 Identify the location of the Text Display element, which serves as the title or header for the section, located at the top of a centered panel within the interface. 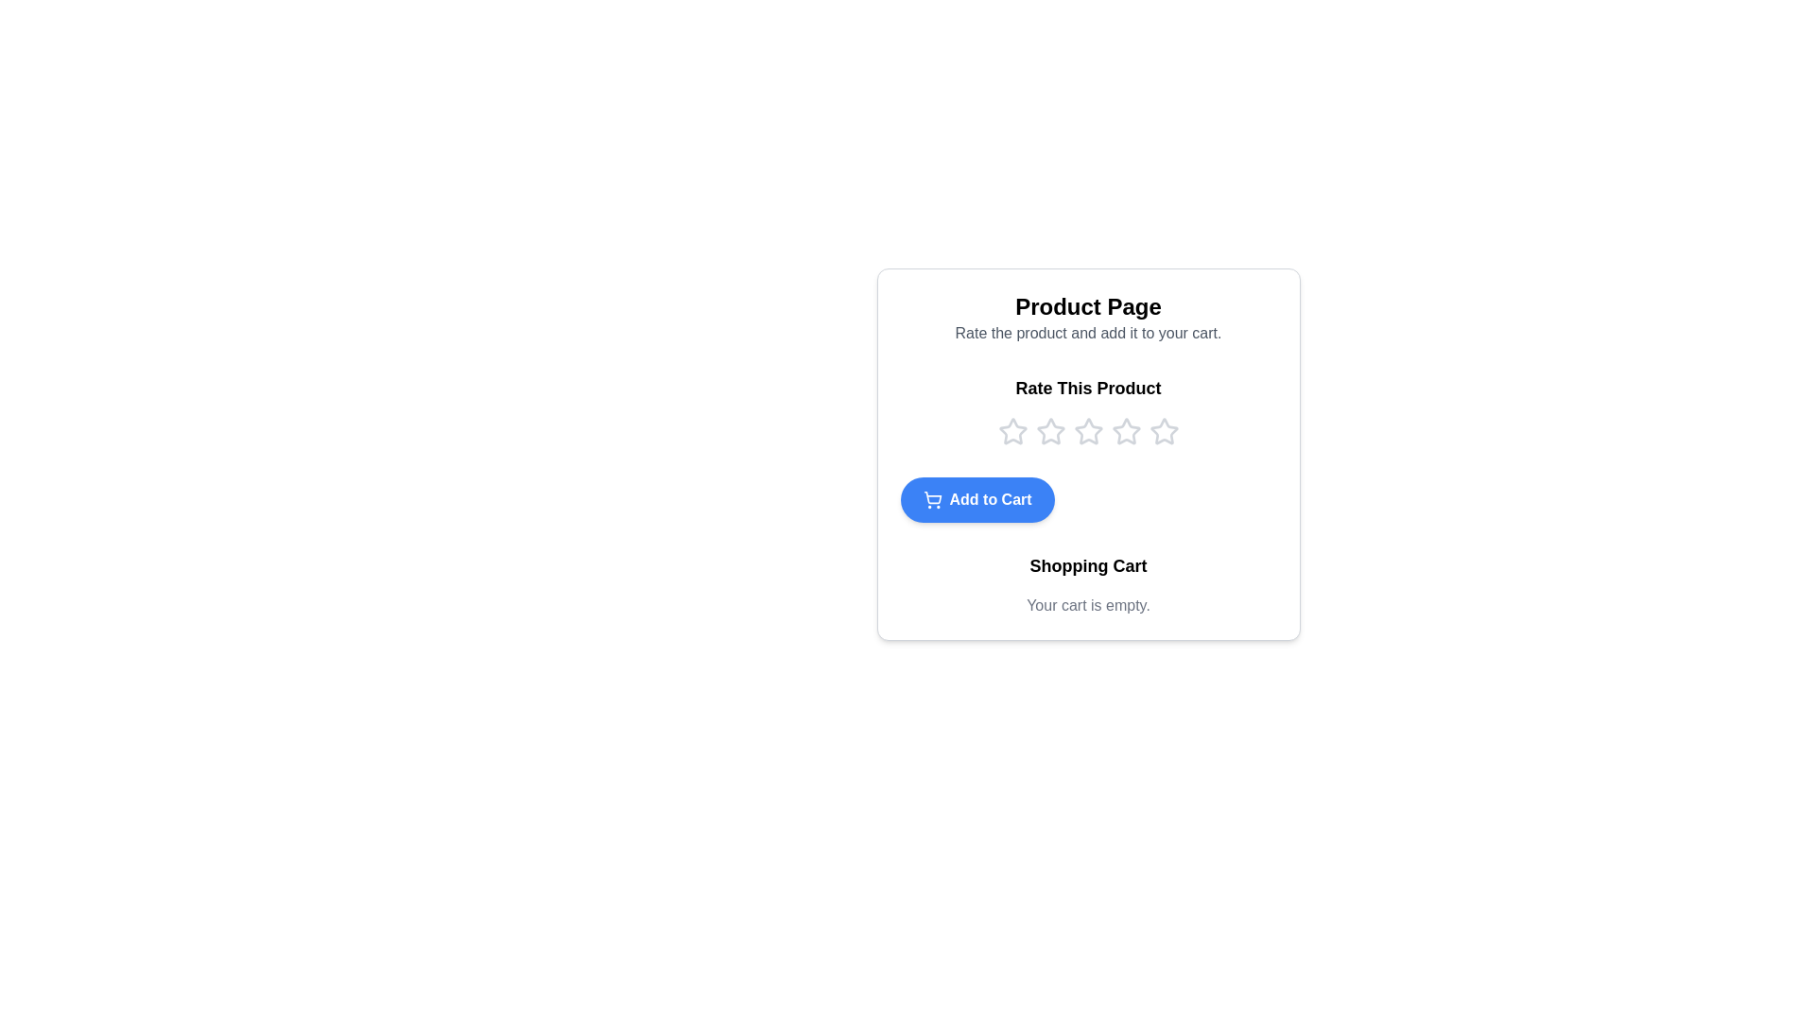
(1088, 305).